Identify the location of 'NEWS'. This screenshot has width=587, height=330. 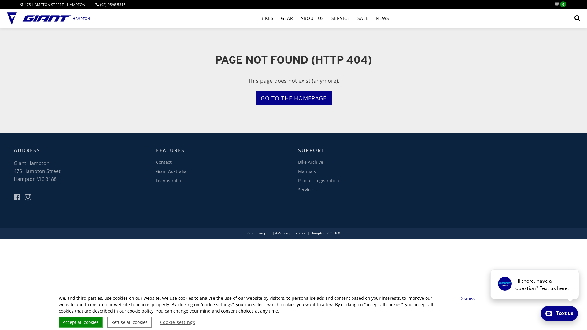
(375, 18).